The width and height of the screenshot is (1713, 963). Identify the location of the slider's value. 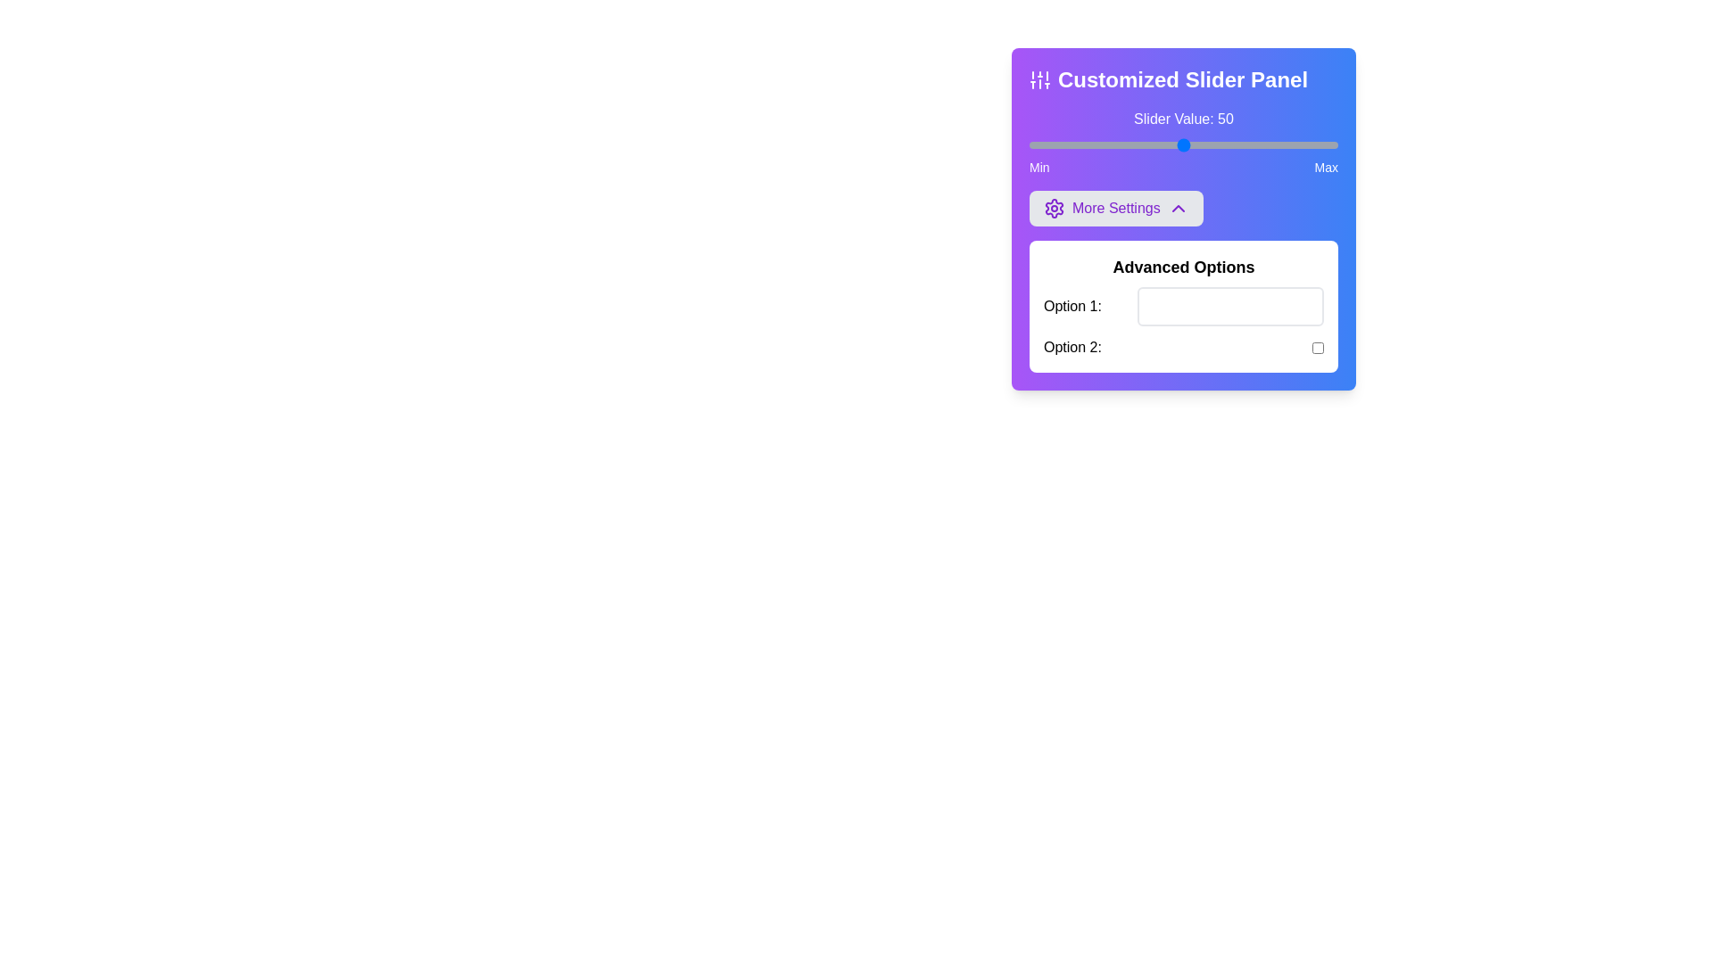
(1213, 144).